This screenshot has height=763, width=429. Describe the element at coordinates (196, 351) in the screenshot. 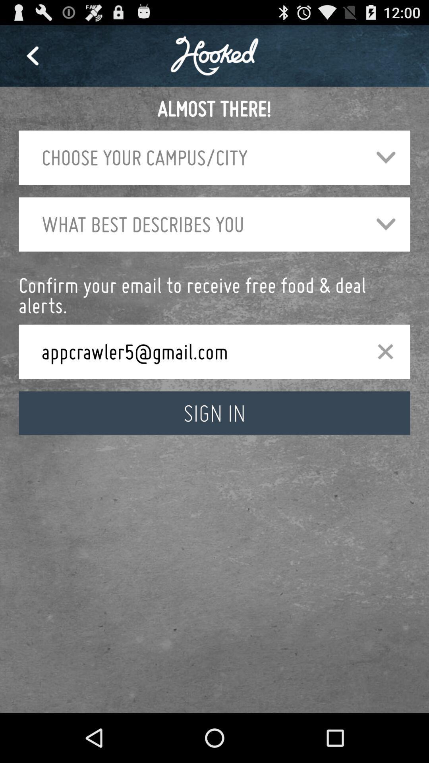

I see `appcrawler5@gmail.com item` at that location.